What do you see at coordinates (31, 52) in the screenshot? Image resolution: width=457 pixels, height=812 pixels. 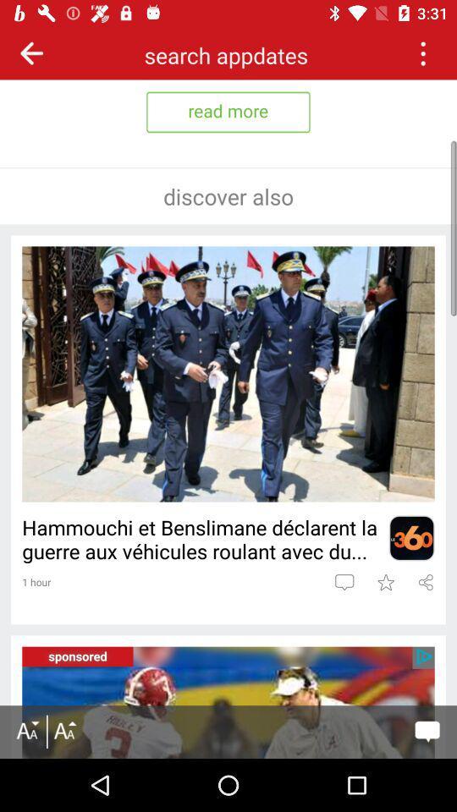 I see `the arrow_backward icon` at bounding box center [31, 52].